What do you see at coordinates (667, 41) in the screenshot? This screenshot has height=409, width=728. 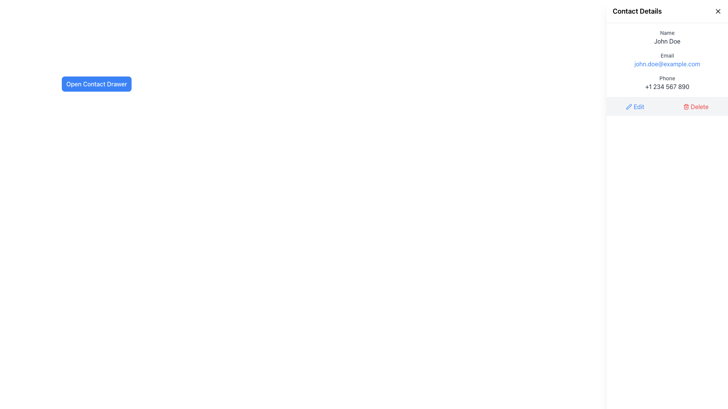 I see `the static text element that displays the name of the individual or entity in the 'Contact Details' section, located directly below the 'Name' label` at bounding box center [667, 41].